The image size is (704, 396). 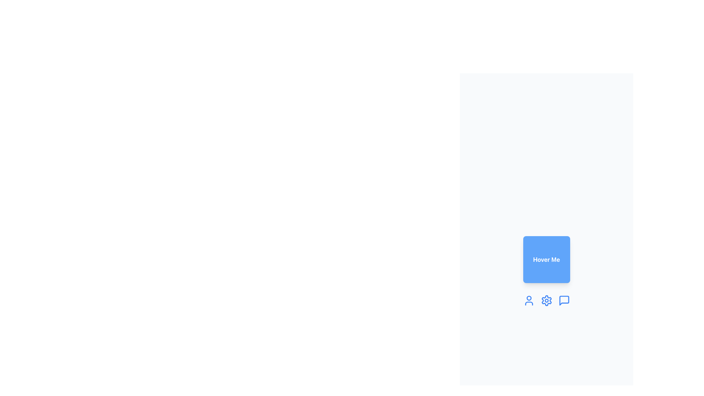 What do you see at coordinates (546, 301) in the screenshot?
I see `the middle settings icon located below the 'Hover Me' button, which is part of a horizontal row of three blue icons` at bounding box center [546, 301].